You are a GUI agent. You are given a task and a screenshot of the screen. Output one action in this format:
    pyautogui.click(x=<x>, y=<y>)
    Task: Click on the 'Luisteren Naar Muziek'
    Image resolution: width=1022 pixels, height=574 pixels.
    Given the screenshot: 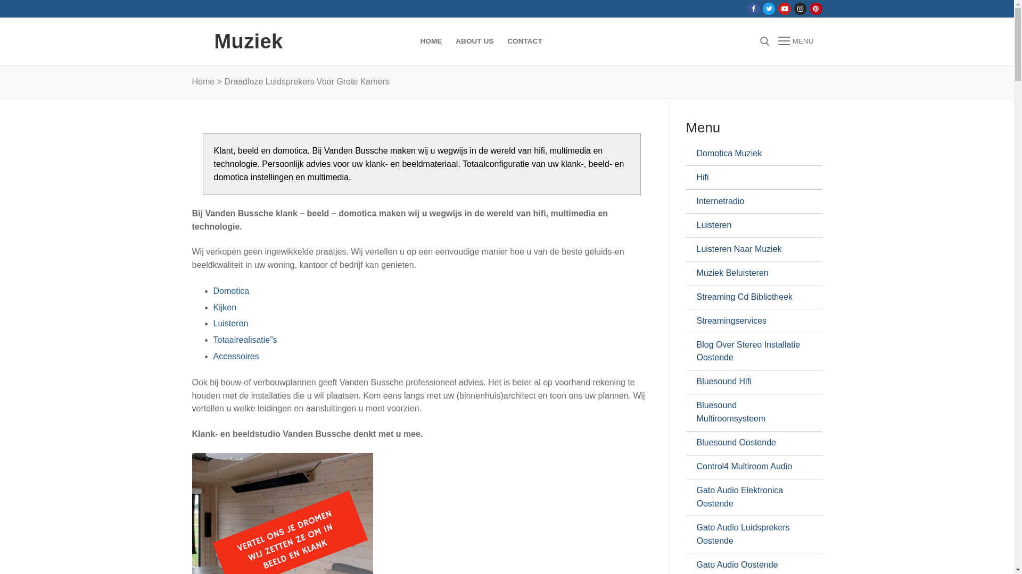 What is the action you would take?
    pyautogui.click(x=748, y=249)
    